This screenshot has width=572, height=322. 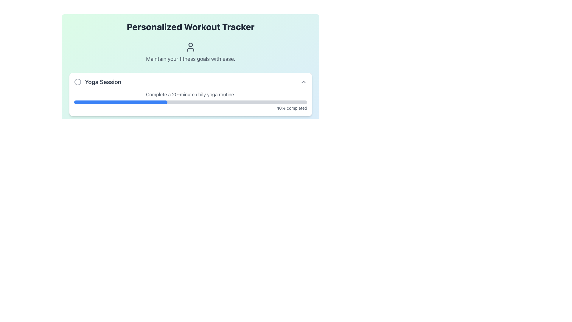 I want to click on the progress bar that visually indicates the completion of the task 'Complete a 20-minute daily yoga routine', located centrally between the texts 'Complete a 20-minute daily yoga routine.' and '40% completed.', so click(x=190, y=102).